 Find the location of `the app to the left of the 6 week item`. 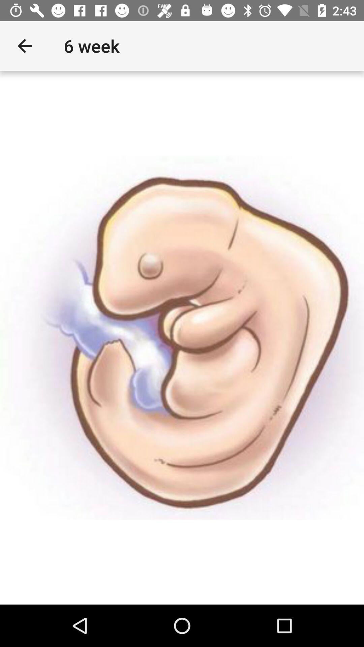

the app to the left of the 6 week item is located at coordinates (24, 45).